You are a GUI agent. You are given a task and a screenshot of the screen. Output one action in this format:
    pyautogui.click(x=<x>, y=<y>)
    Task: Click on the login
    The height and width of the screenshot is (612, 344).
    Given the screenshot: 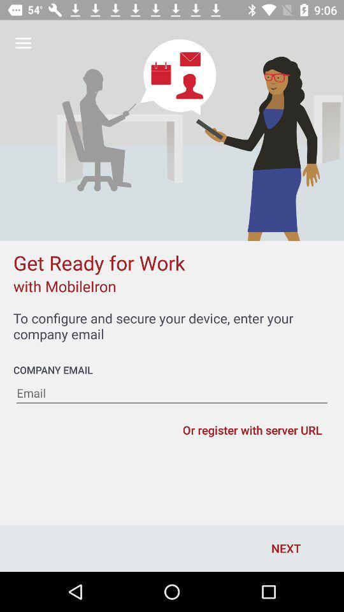 What is the action you would take?
    pyautogui.click(x=172, y=393)
    